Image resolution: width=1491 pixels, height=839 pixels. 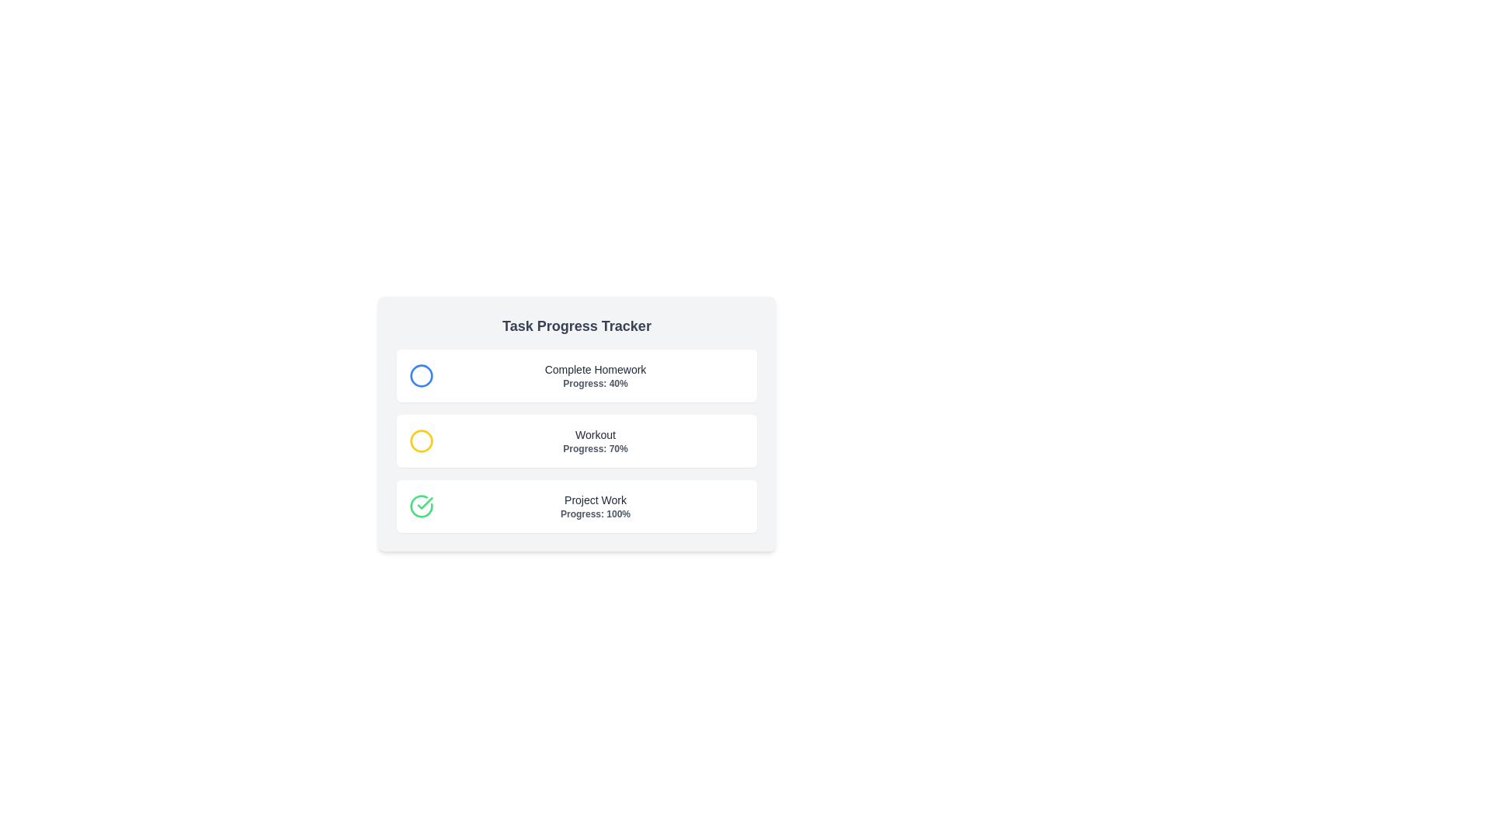 I want to click on the 'Project Work' text label, which is a medium-sized grayish-black text within the 'Task Progress Tracker' section, to select it, so click(x=595, y=500).